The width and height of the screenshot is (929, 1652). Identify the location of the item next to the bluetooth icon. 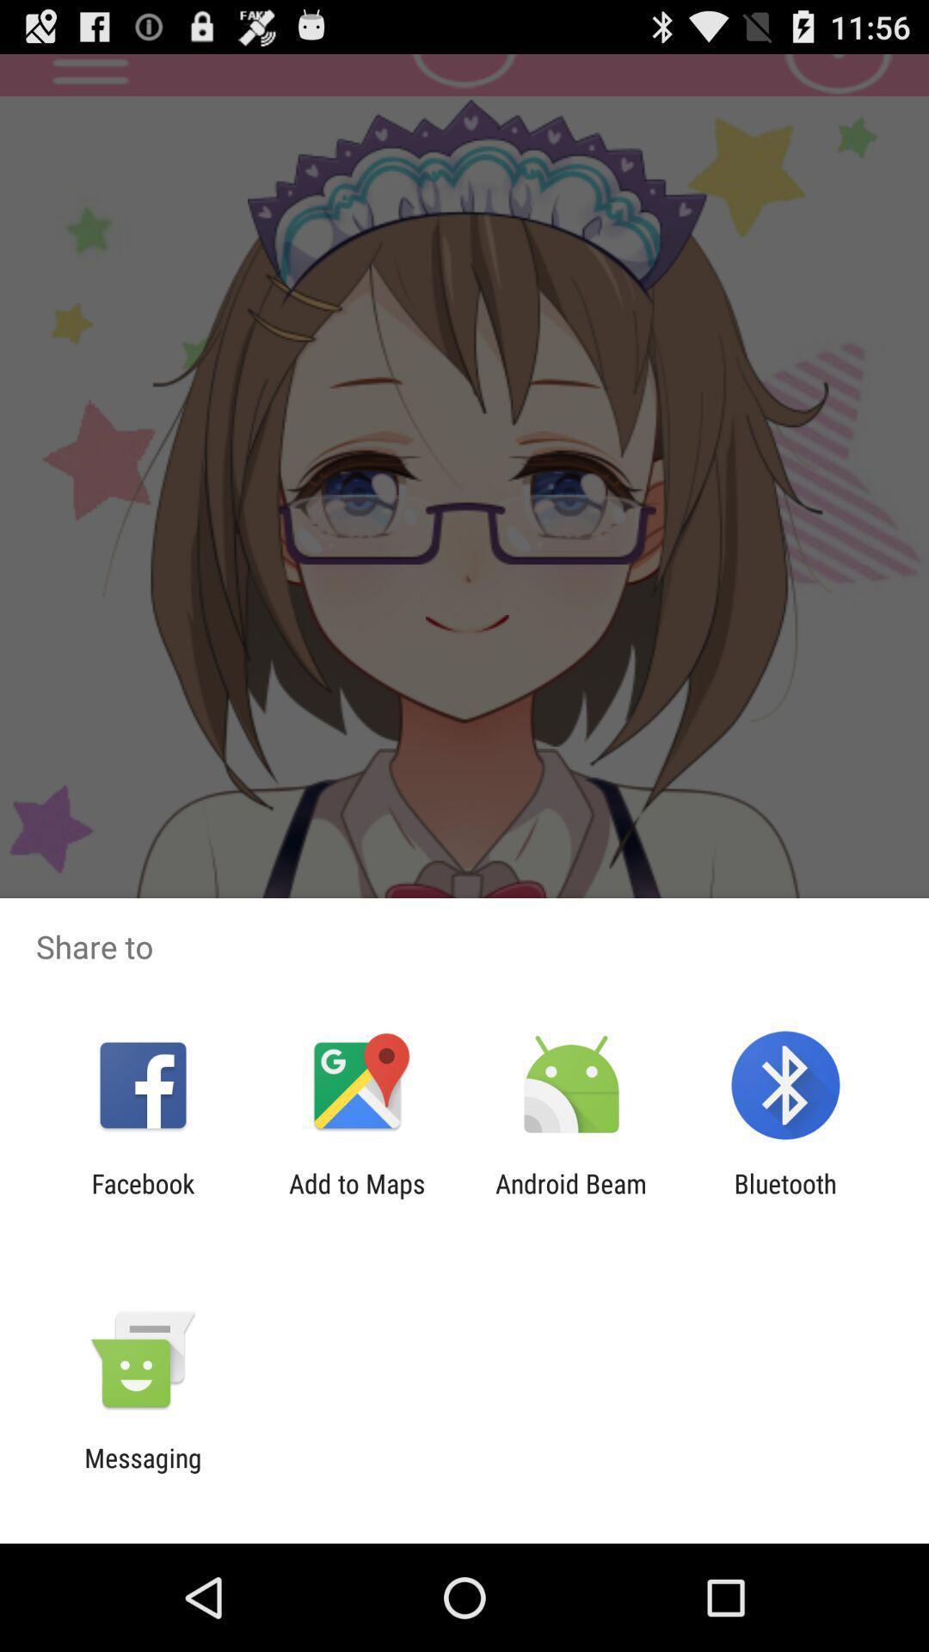
(571, 1198).